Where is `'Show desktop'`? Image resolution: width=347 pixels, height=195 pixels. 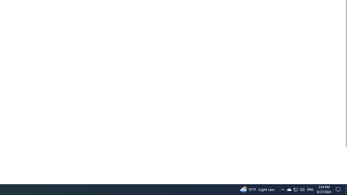 'Show desktop' is located at coordinates (346, 189).